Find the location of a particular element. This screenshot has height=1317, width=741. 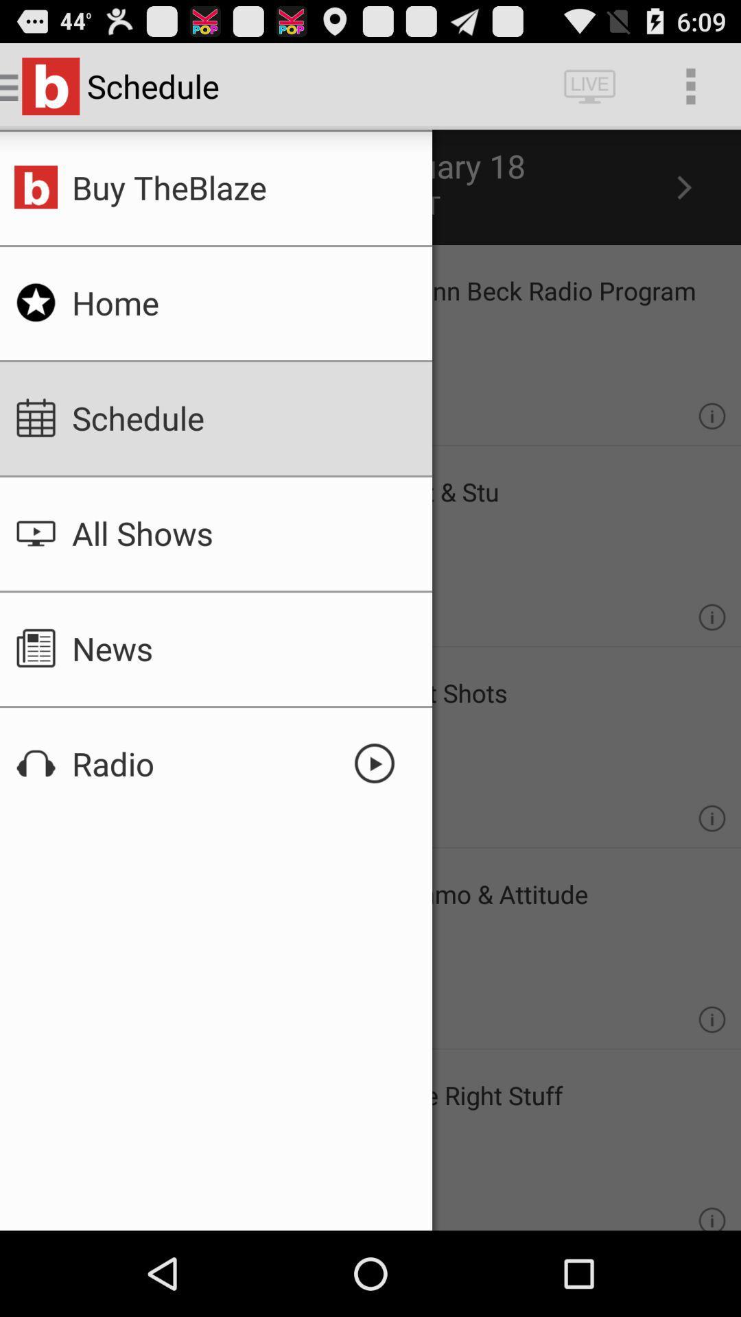

the arrow_forward icon is located at coordinates (683, 200).